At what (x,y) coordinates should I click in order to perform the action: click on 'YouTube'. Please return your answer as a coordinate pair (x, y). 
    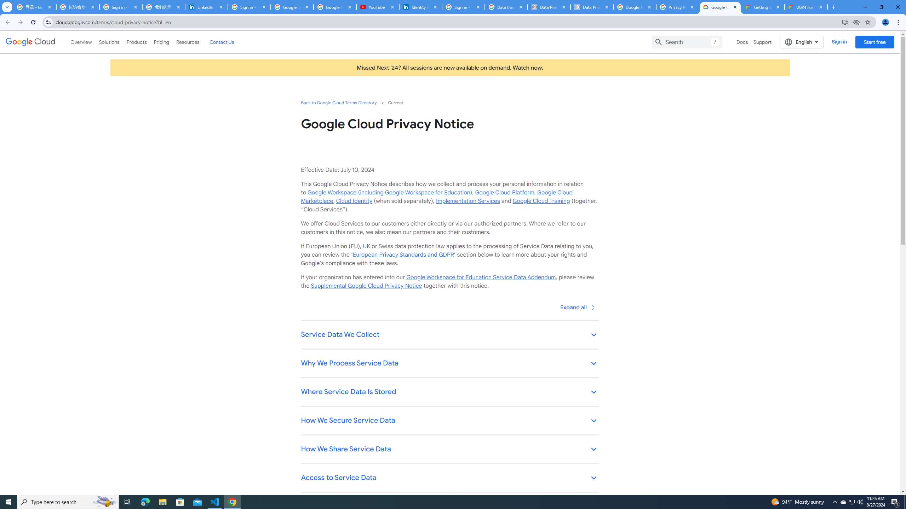
    Looking at the image, I should click on (378, 7).